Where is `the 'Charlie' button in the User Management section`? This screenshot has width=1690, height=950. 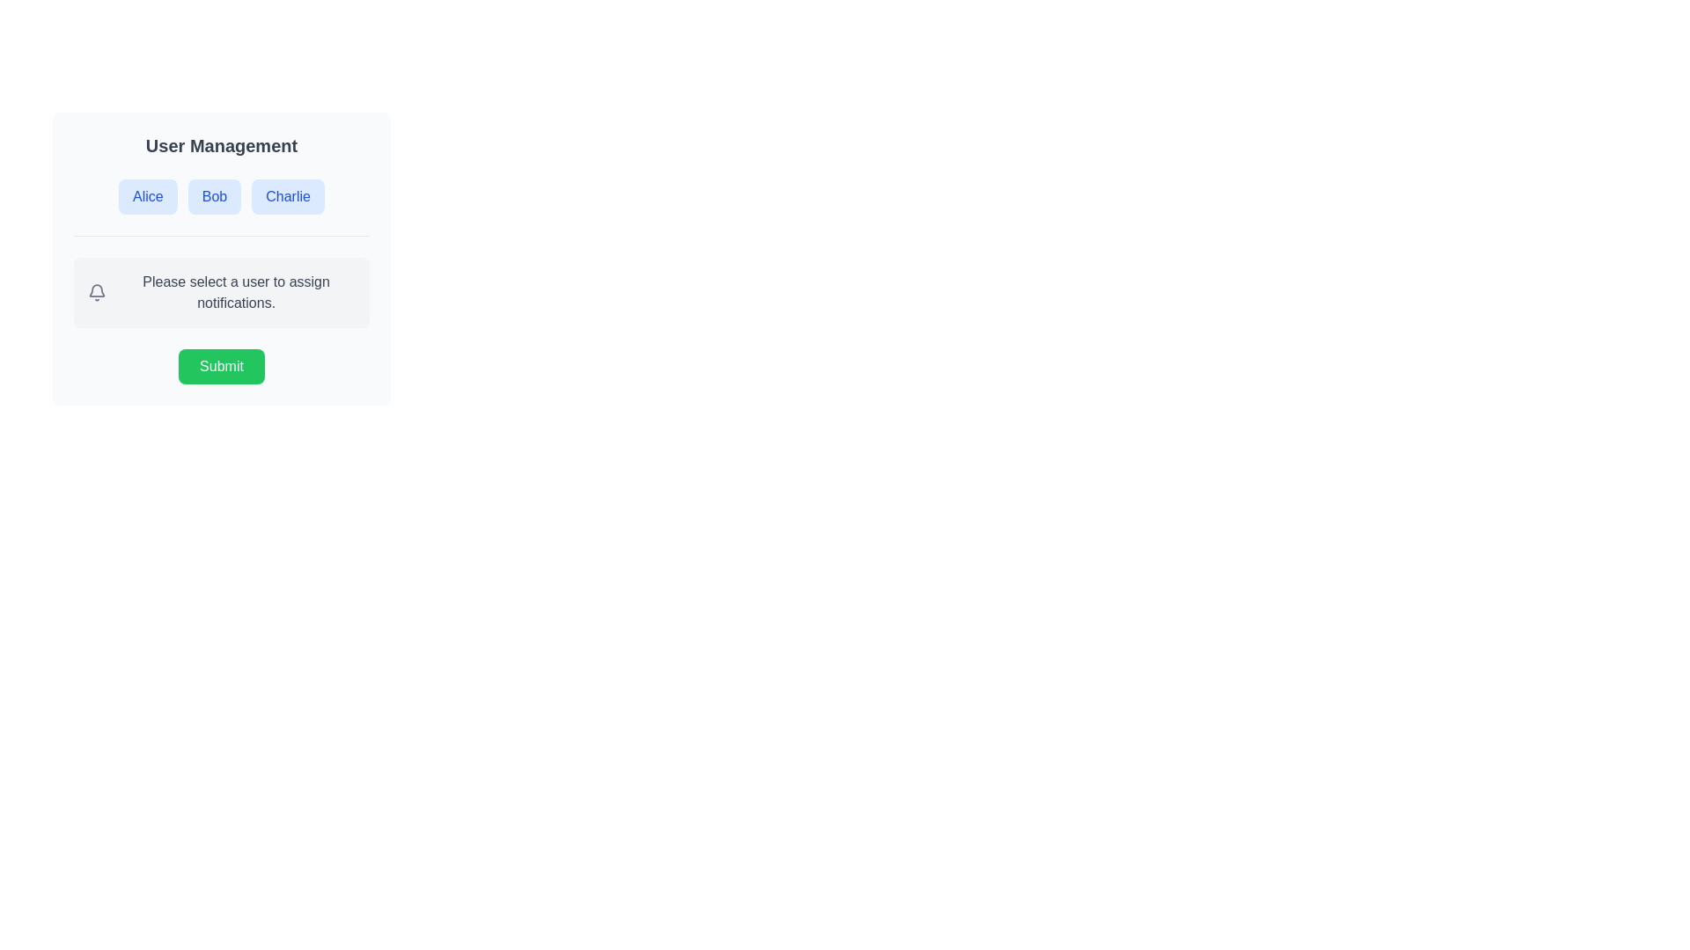 the 'Charlie' button in the User Management section is located at coordinates (288, 196).